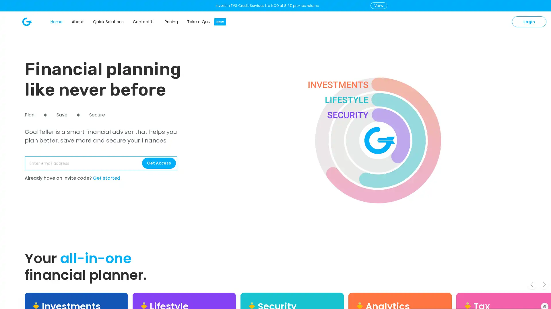  Describe the element at coordinates (531, 284) in the screenshot. I see `Previous slide` at that location.